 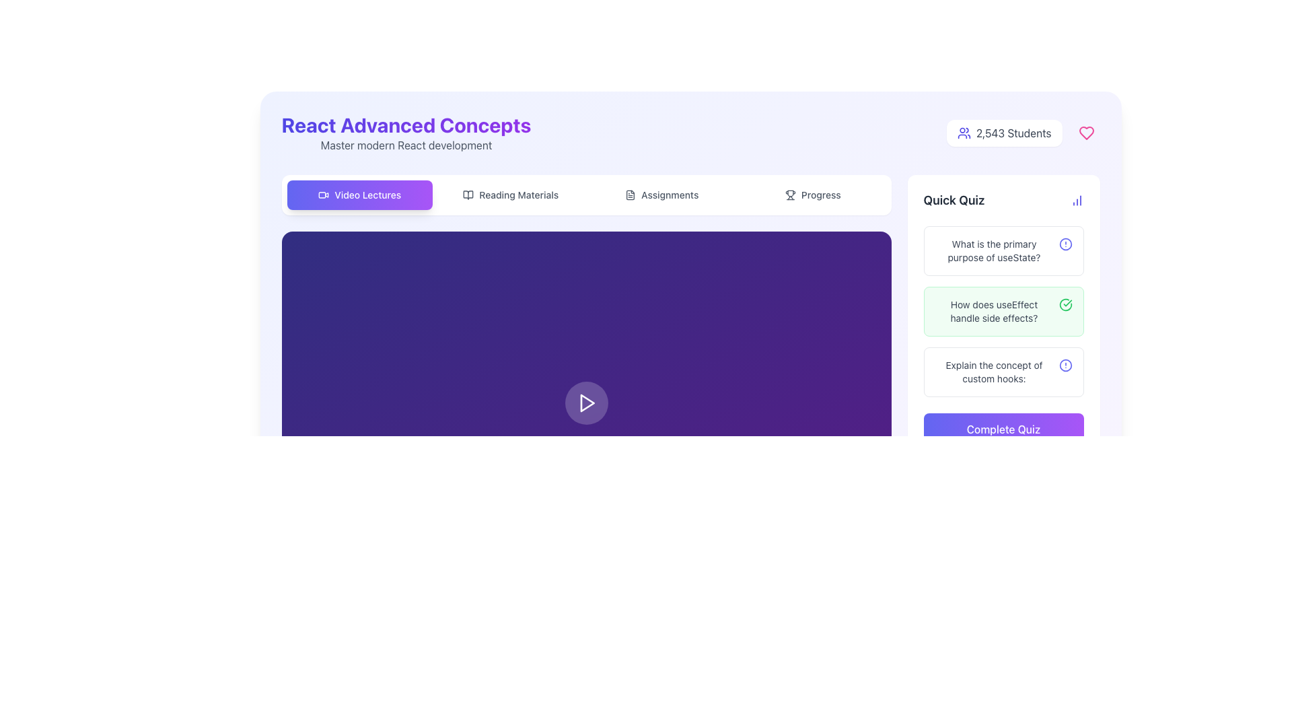 I want to click on the 'Reading Materials' button, which is complemented by the Icon positioned directly to its left within the horizontal navigation bar, so click(x=468, y=195).